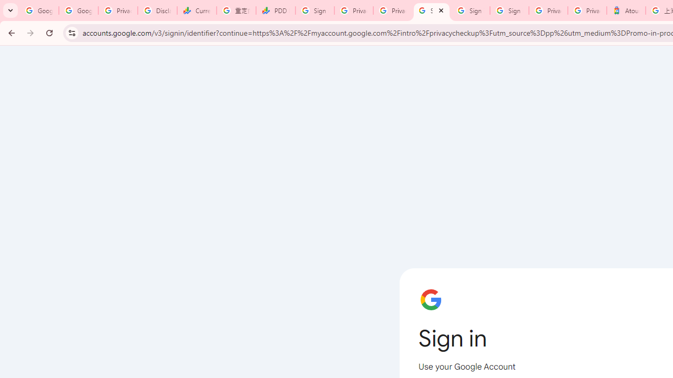 This screenshot has width=673, height=378. I want to click on 'Sign in - Google Accounts', so click(470, 10).